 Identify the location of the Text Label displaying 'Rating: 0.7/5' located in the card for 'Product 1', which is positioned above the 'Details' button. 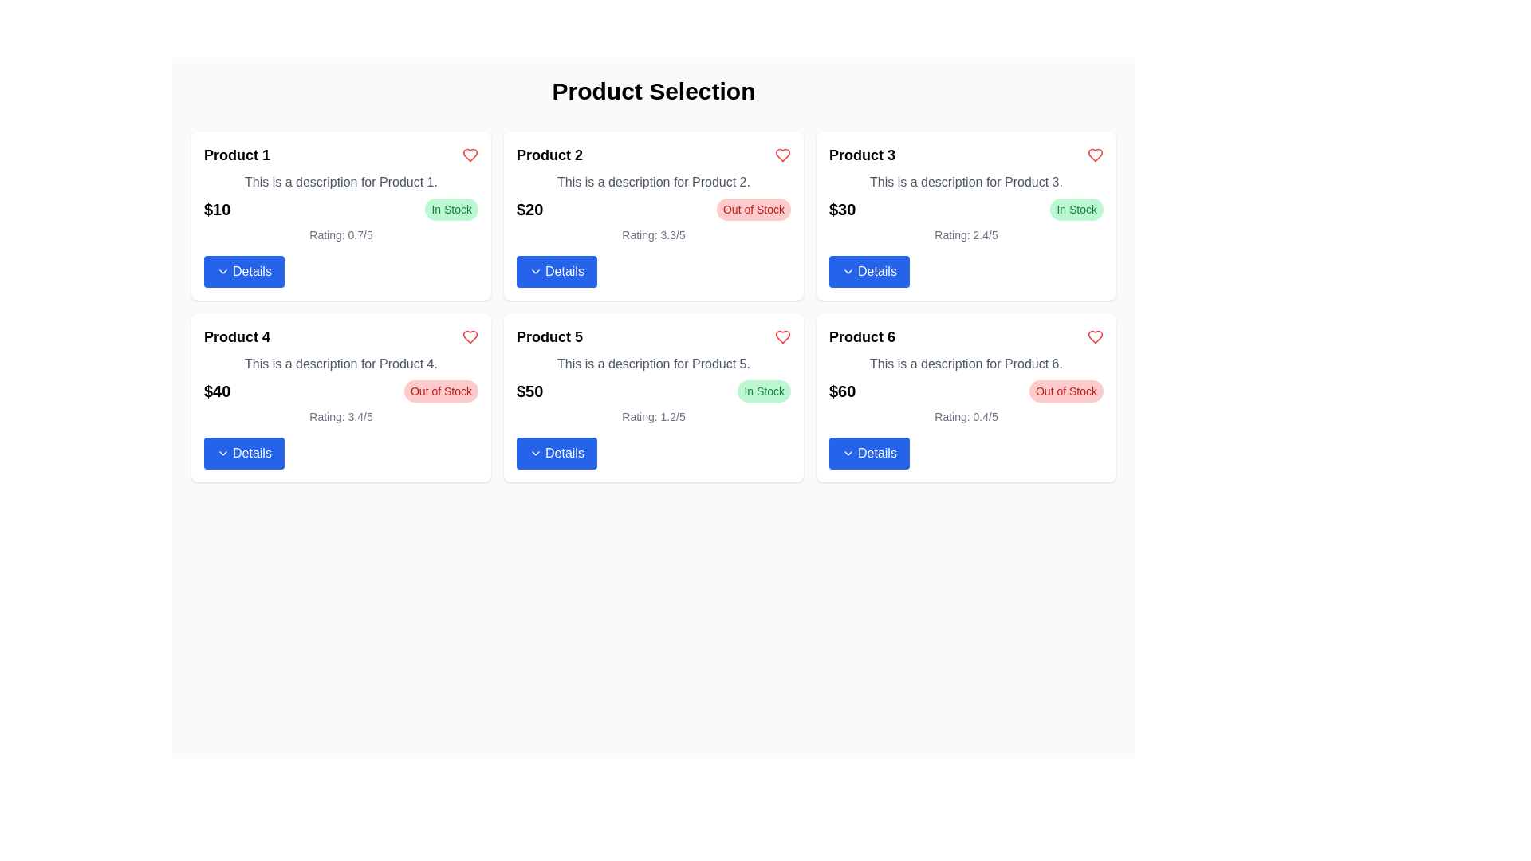
(340, 234).